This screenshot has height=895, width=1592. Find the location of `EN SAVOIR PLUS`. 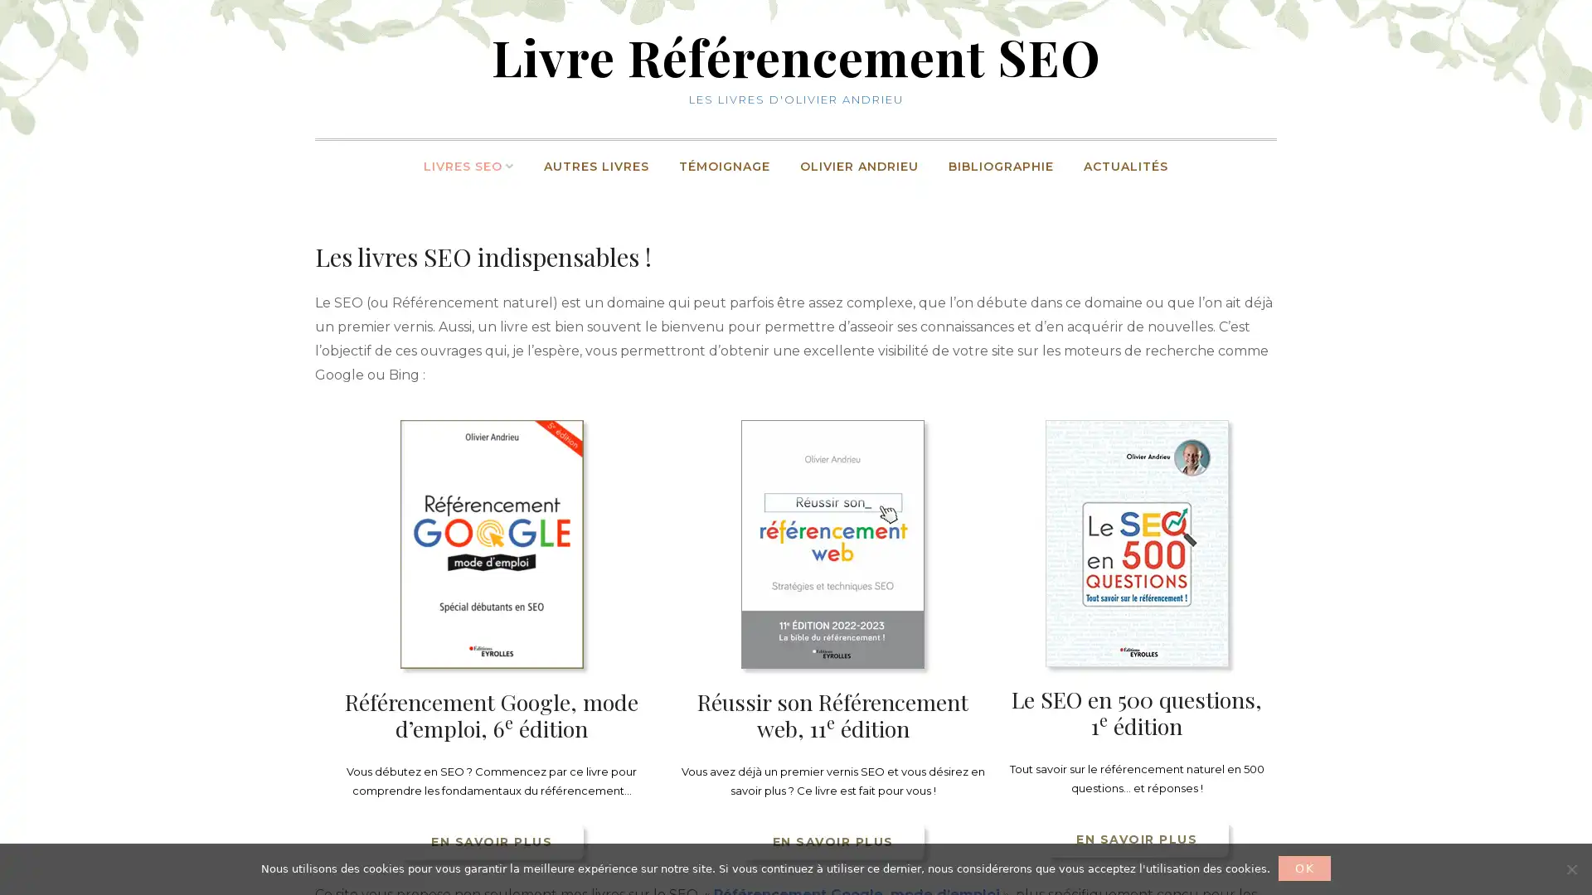

EN SAVOIR PLUS is located at coordinates (1135, 838).